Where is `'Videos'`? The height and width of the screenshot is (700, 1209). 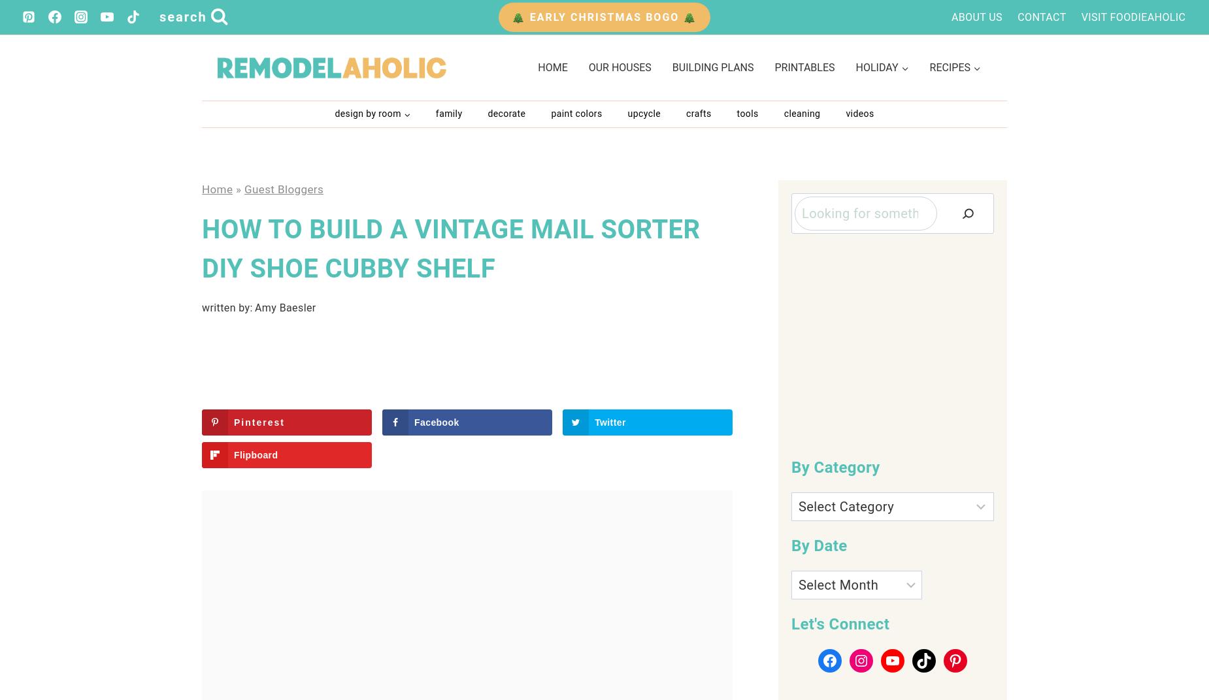 'Videos' is located at coordinates (859, 112).